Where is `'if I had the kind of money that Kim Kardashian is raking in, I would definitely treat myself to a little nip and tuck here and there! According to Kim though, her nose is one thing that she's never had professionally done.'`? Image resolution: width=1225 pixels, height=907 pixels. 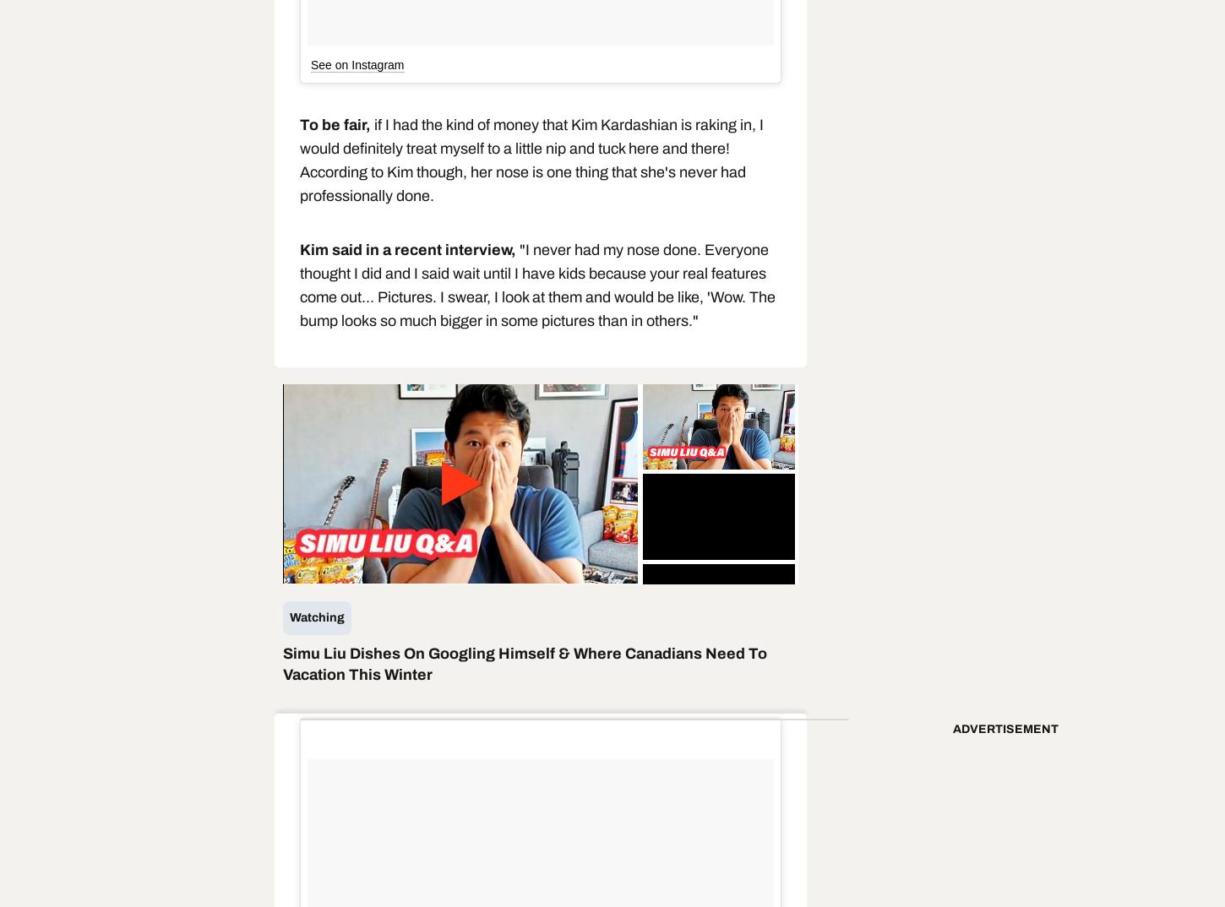
'if I had the kind of money that Kim Kardashian is raking in, I would definitely treat myself to a little nip and tuck here and there! According to Kim though, her nose is one thing that she's never had professionally done.' is located at coordinates (531, 160).